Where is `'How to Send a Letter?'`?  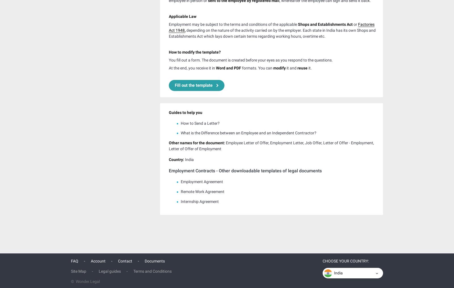 'How to Send a Letter?' is located at coordinates (200, 122).